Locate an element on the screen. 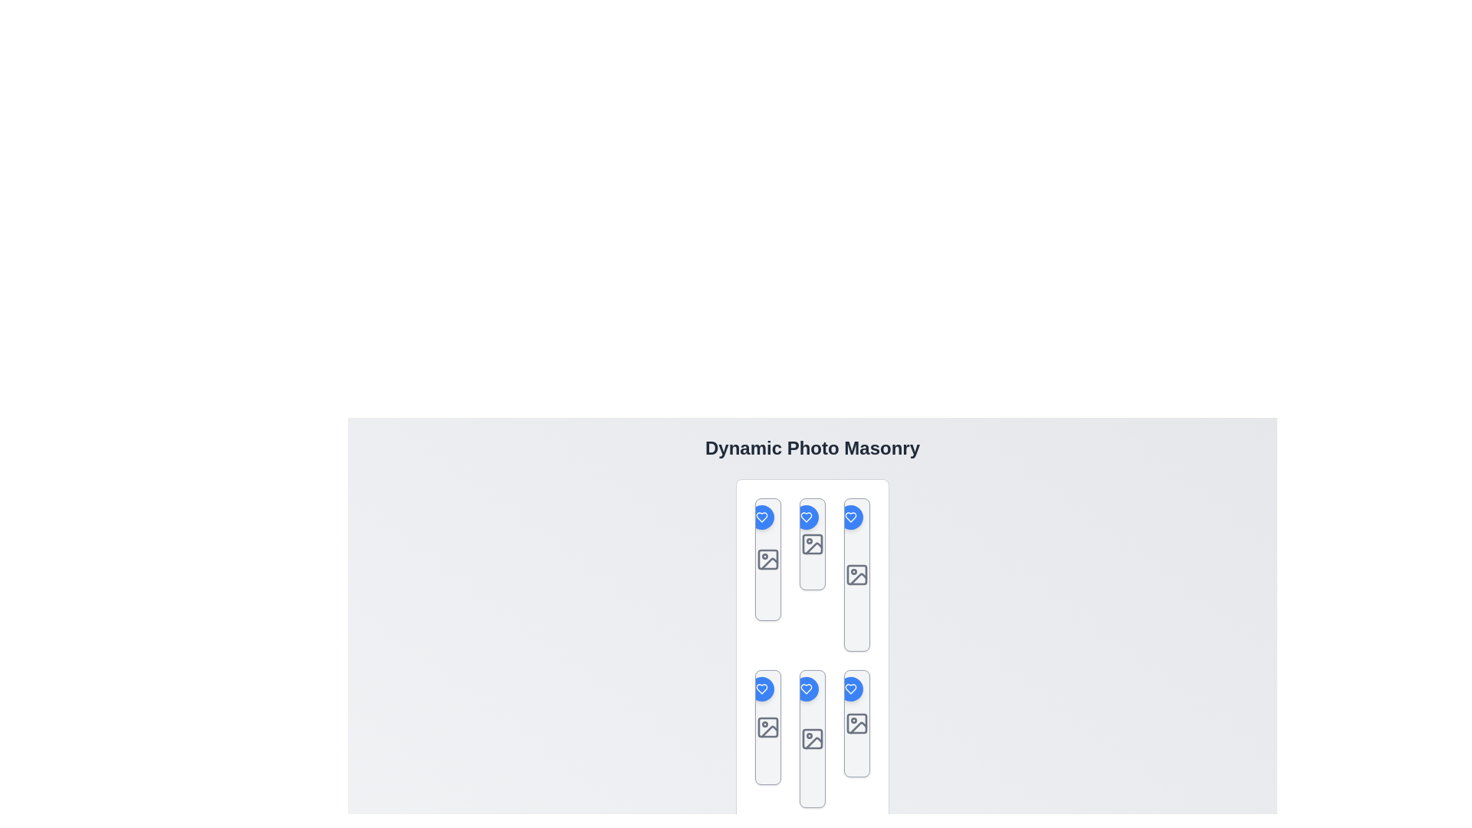 This screenshot has height=828, width=1472. the blue-colored heart icon with a hollow center, located in the bottom-left quadrant of the 'Dynamic Photo Masonry' grid is located at coordinates (761, 688).